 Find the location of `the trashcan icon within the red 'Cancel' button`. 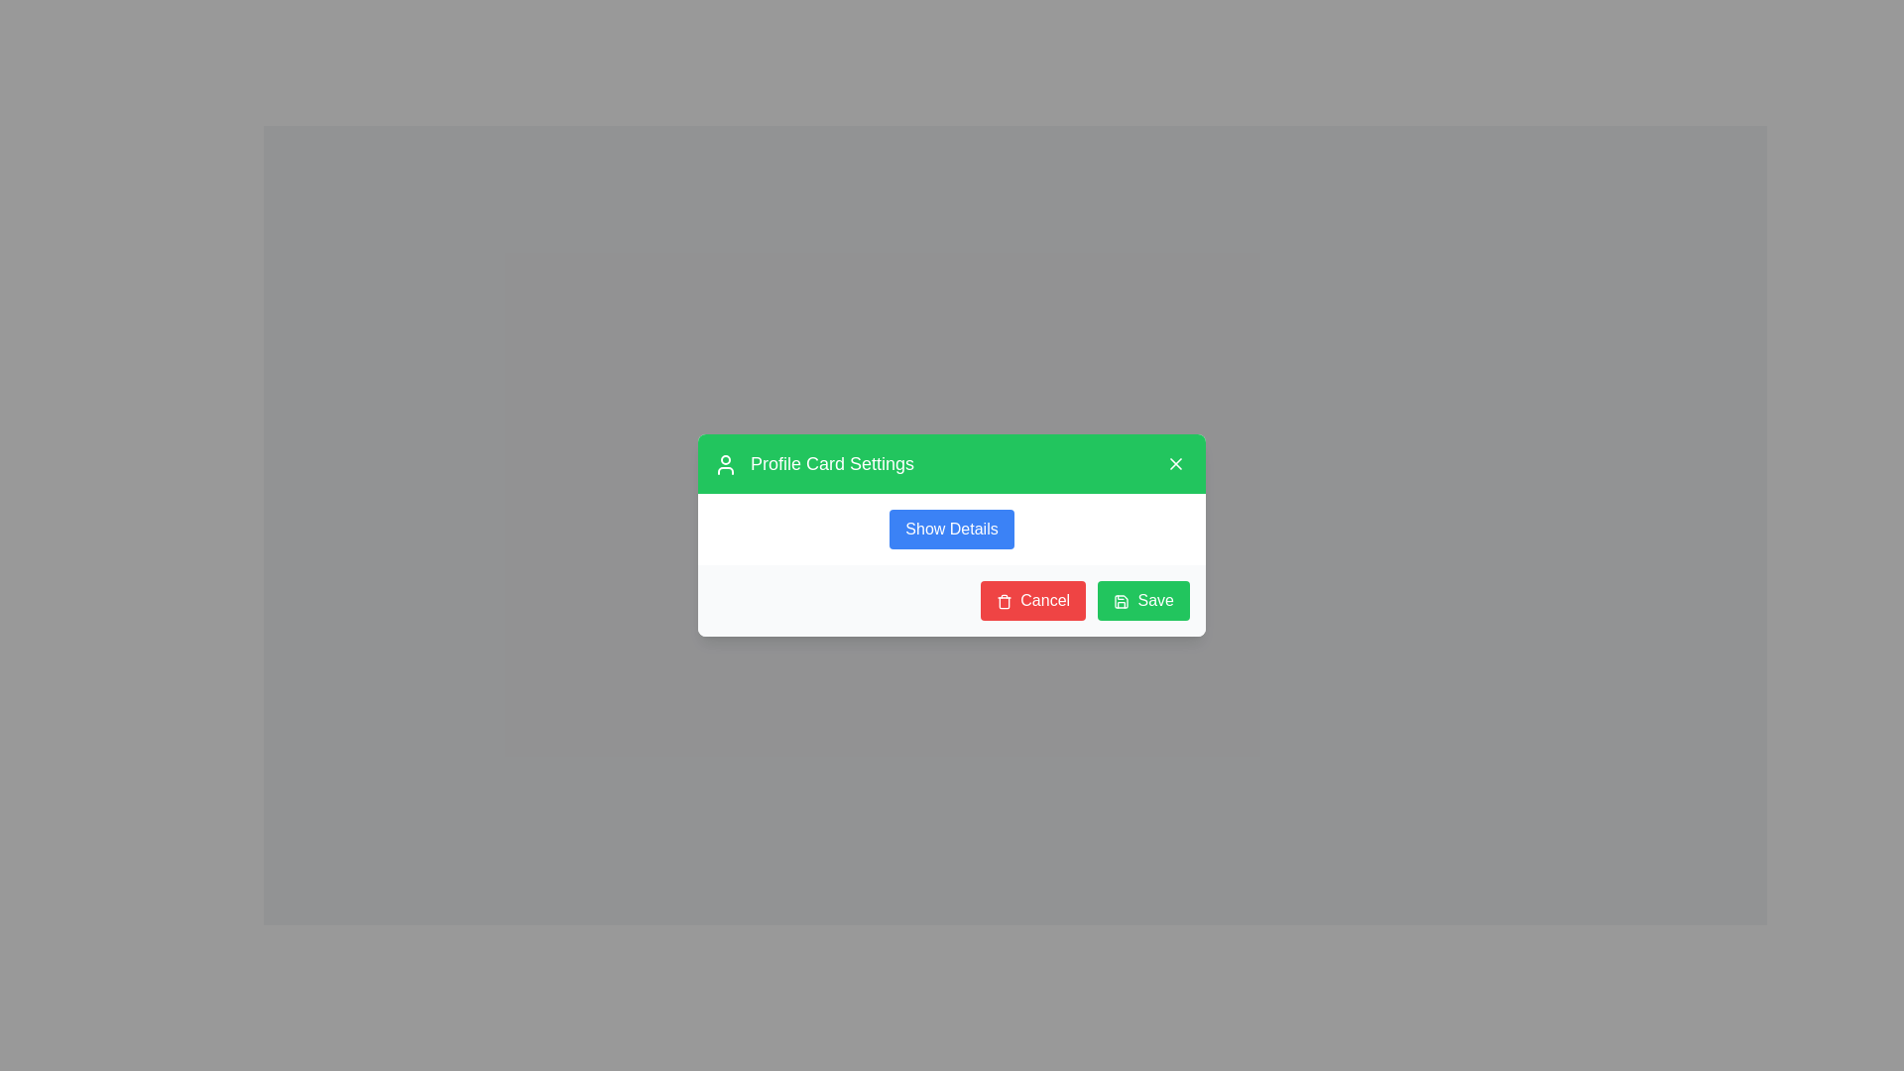

the trashcan icon within the red 'Cancel' button is located at coordinates (1004, 600).